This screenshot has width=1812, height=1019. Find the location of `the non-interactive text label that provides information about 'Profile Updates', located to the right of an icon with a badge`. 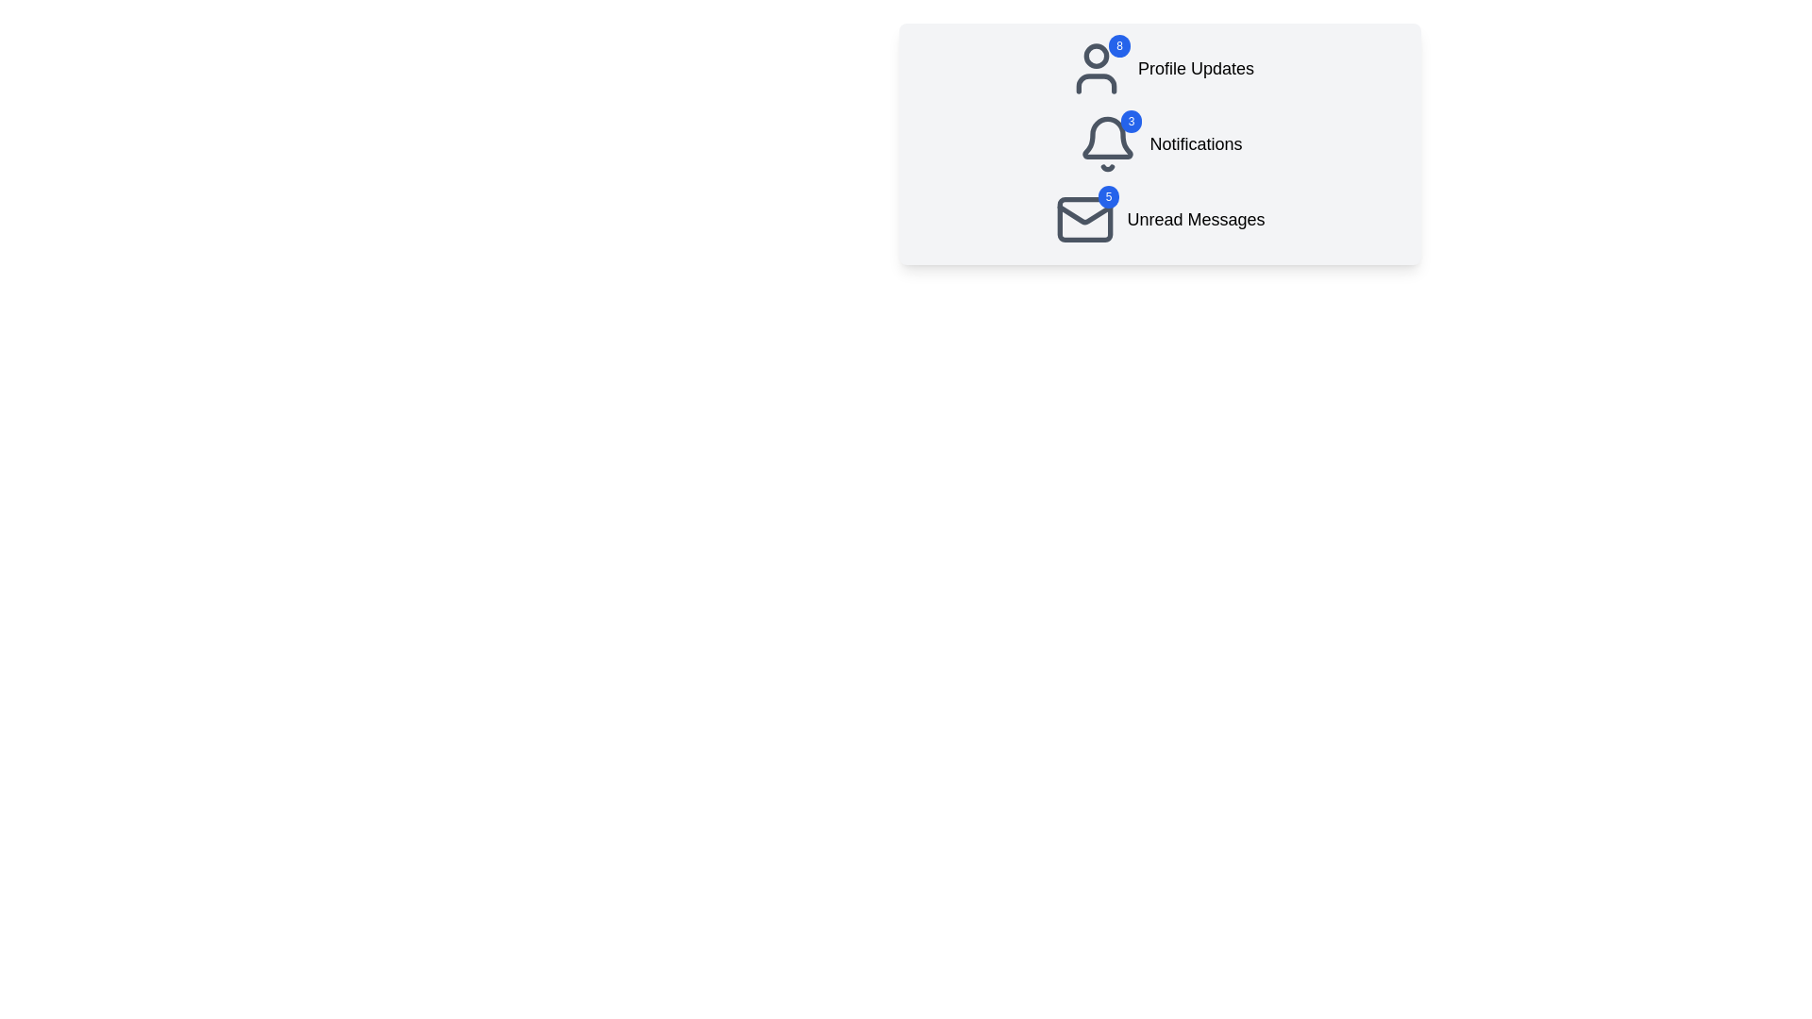

the non-interactive text label that provides information about 'Profile Updates', located to the right of an icon with a badge is located at coordinates (1195, 68).